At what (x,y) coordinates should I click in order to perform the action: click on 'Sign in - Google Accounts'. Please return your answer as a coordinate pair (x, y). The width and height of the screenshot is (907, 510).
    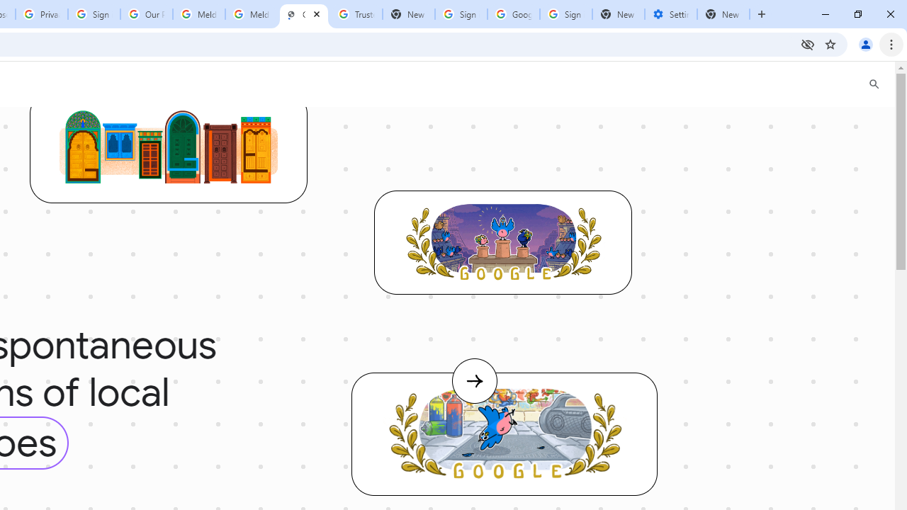
    Looking at the image, I should click on (461, 14).